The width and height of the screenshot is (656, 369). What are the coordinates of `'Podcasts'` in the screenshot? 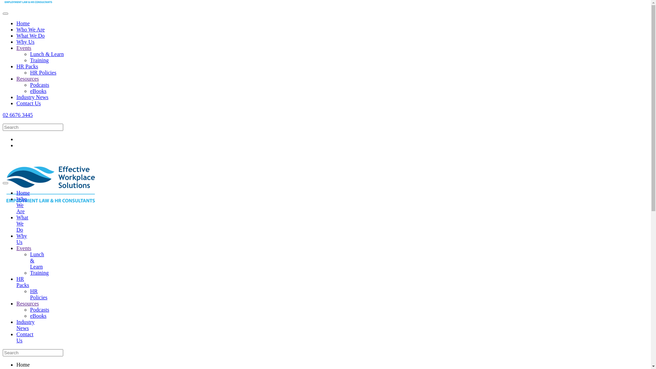 It's located at (39, 84).